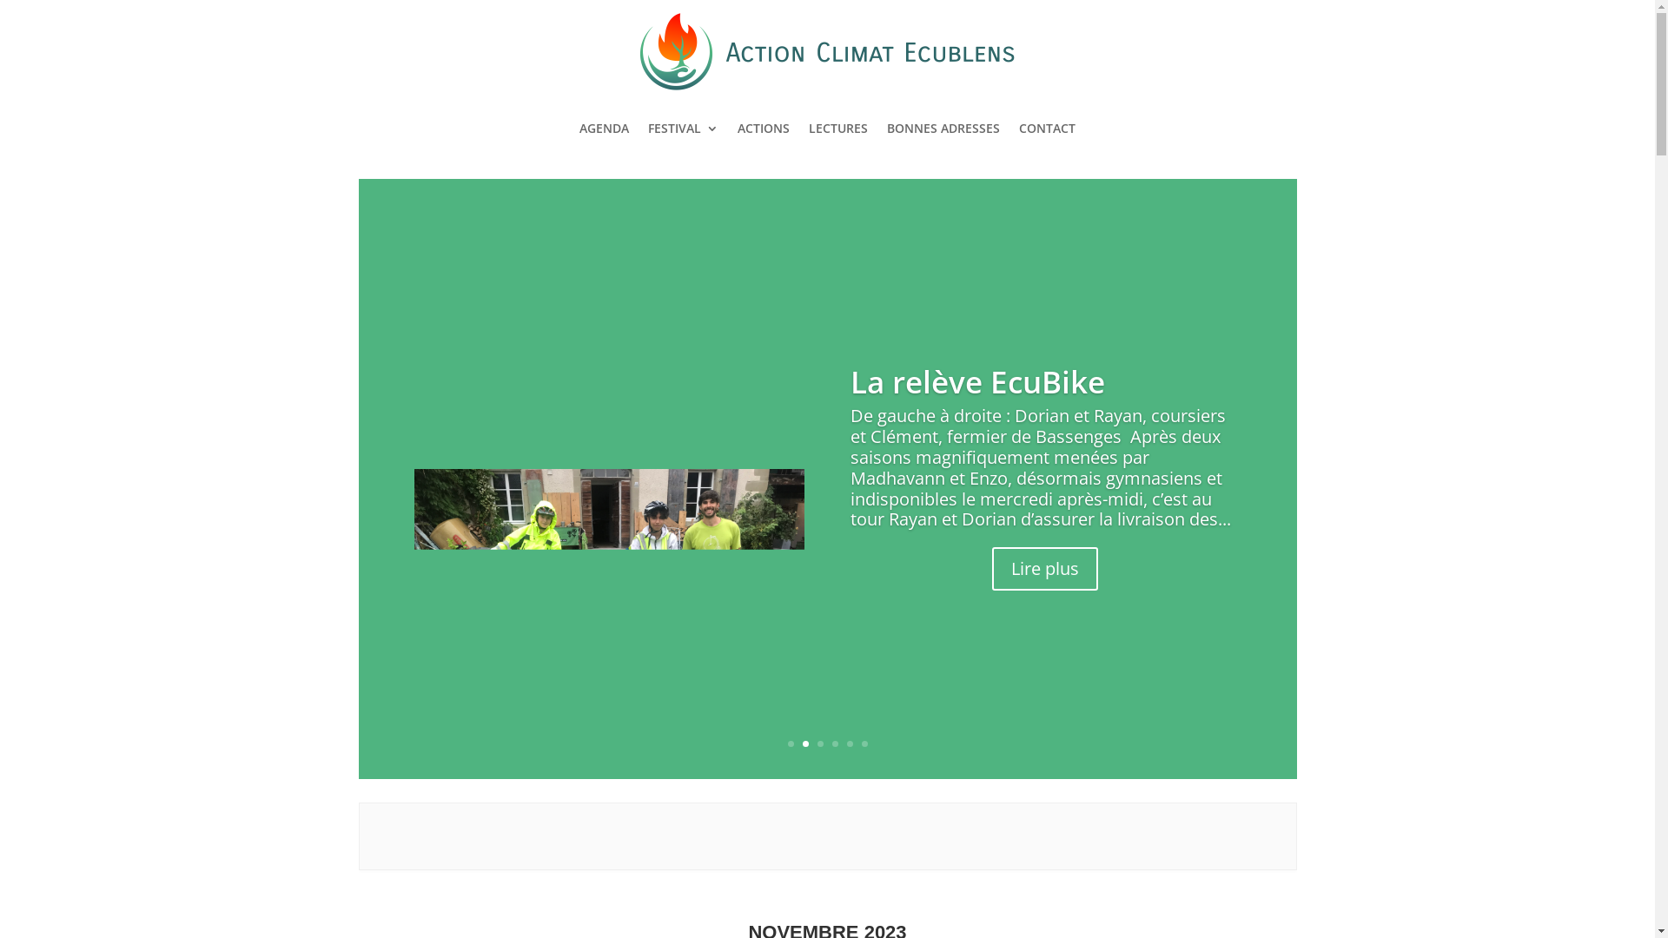 The image size is (1668, 938). Describe the element at coordinates (818, 743) in the screenshot. I see `'3'` at that location.